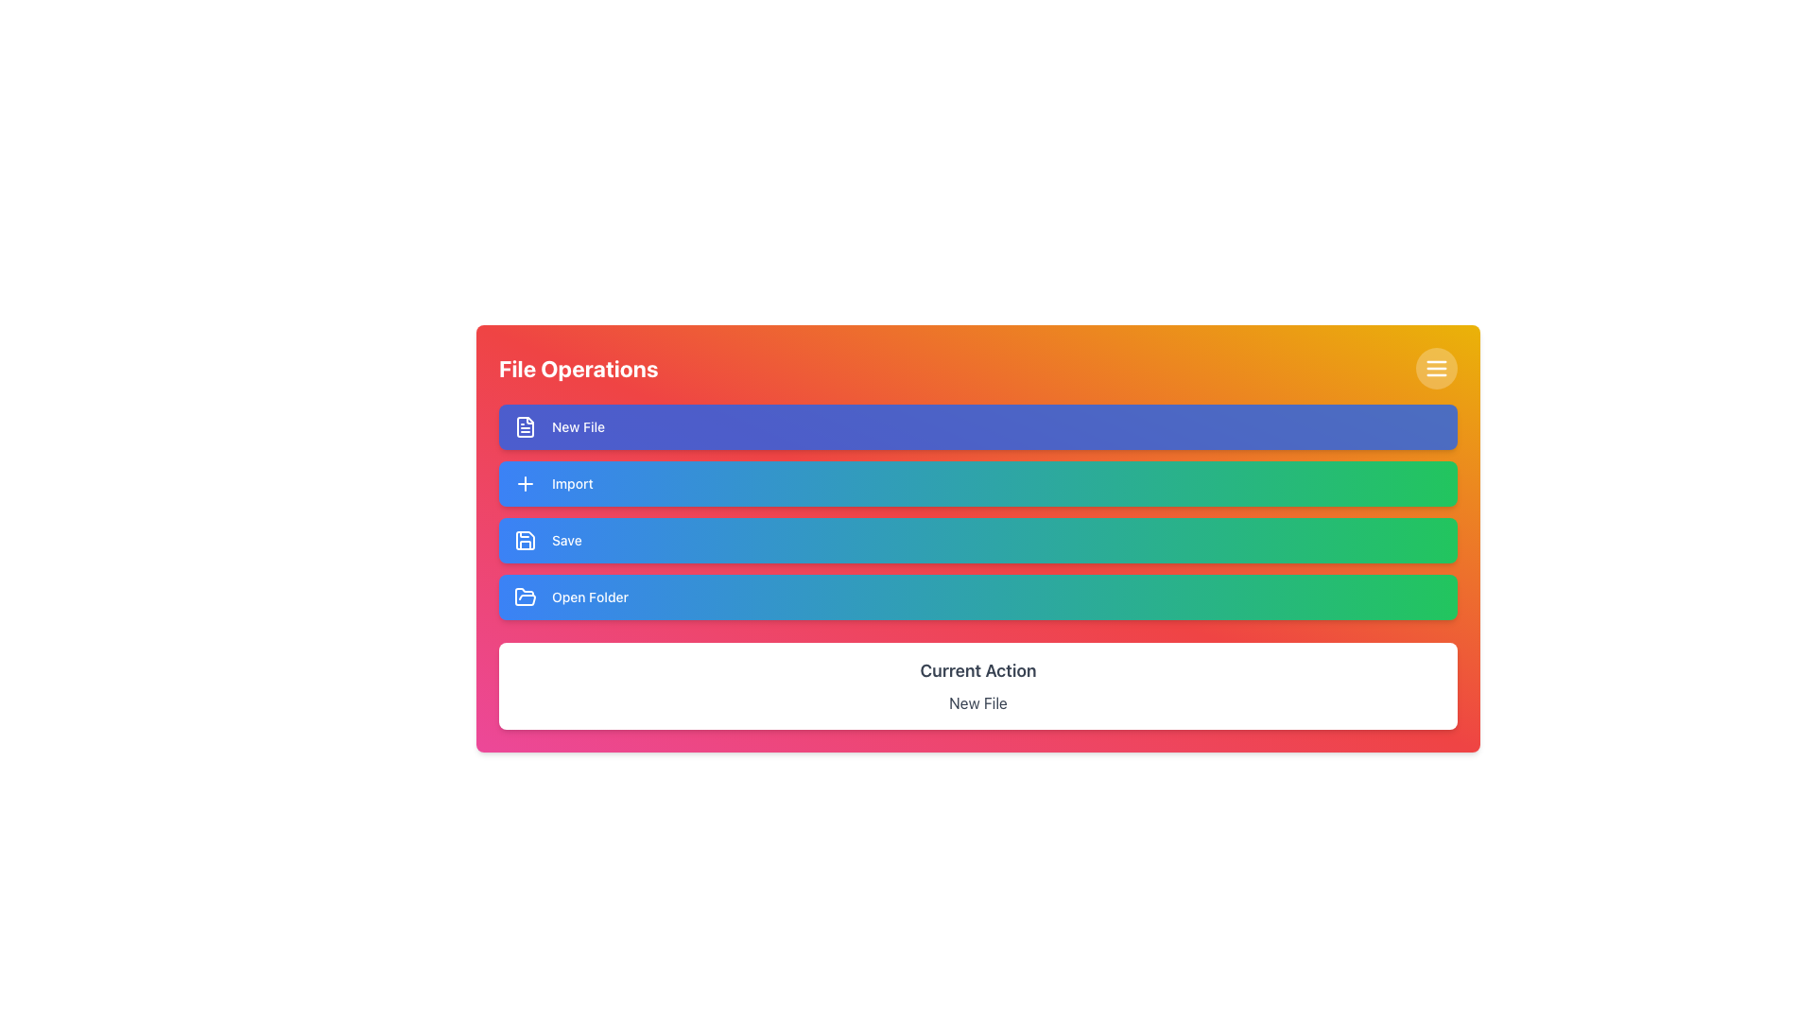 The height and width of the screenshot is (1021, 1815). I want to click on the 'Import' button located in the 'File Operations' section, which is the second button in a vertical stack of four buttons, so click(978, 483).